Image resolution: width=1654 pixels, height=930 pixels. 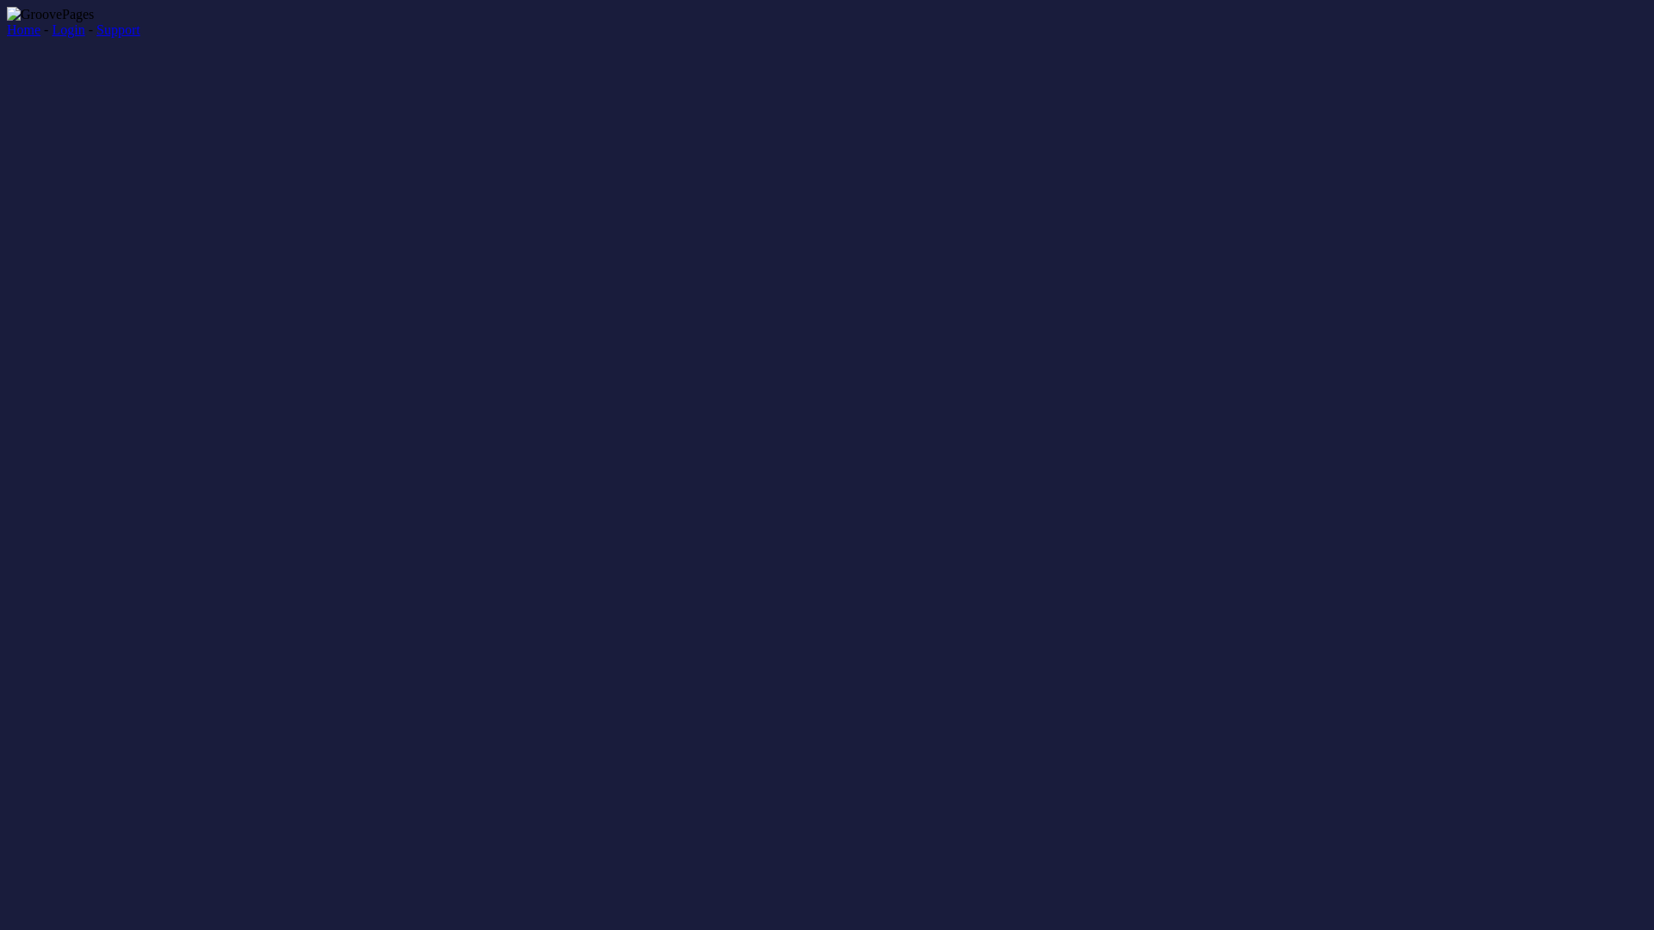 I want to click on 'Login', so click(x=67, y=29).